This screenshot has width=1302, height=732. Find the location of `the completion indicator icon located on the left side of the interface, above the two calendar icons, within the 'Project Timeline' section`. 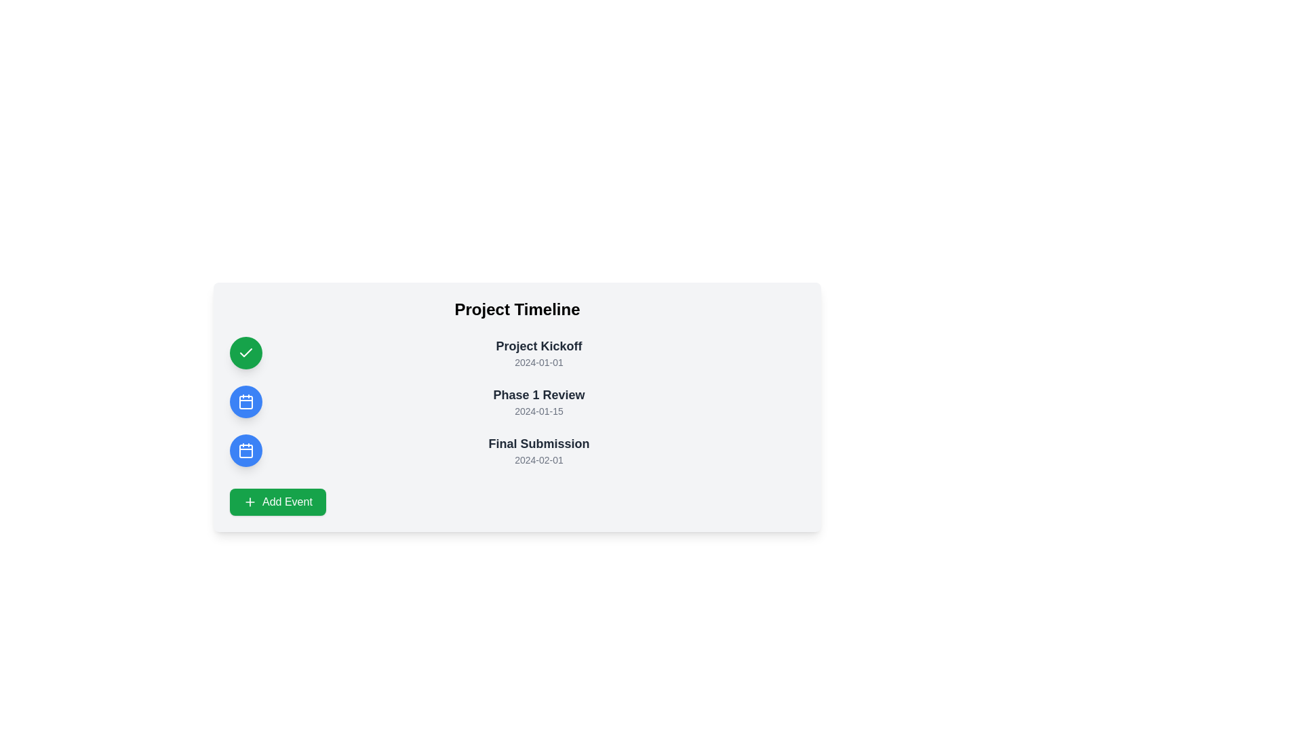

the completion indicator icon located on the left side of the interface, above the two calendar icons, within the 'Project Timeline' section is located at coordinates (246, 352).